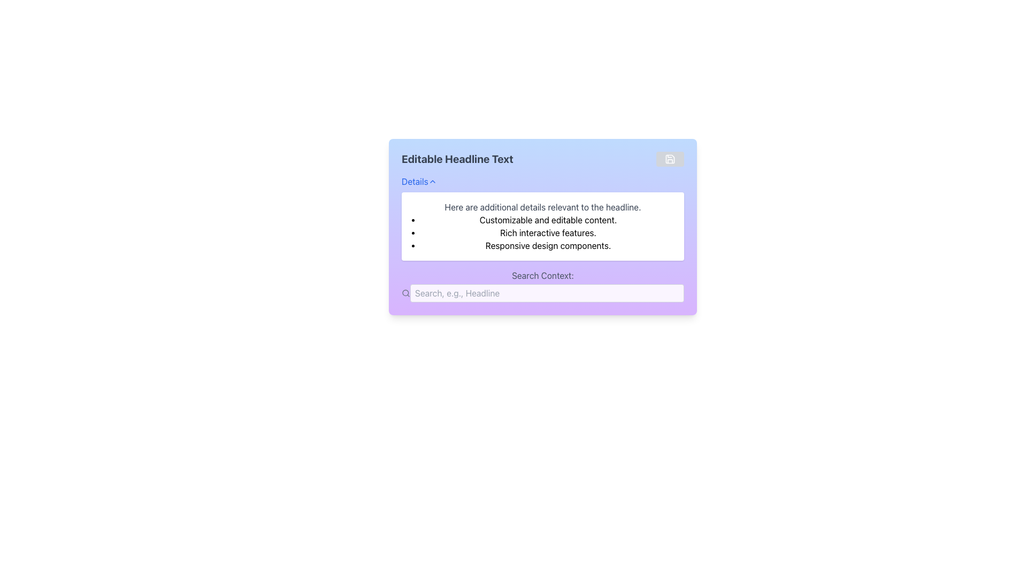  What do you see at coordinates (669, 159) in the screenshot?
I see `the save icon located in the top-right corner of the card` at bounding box center [669, 159].